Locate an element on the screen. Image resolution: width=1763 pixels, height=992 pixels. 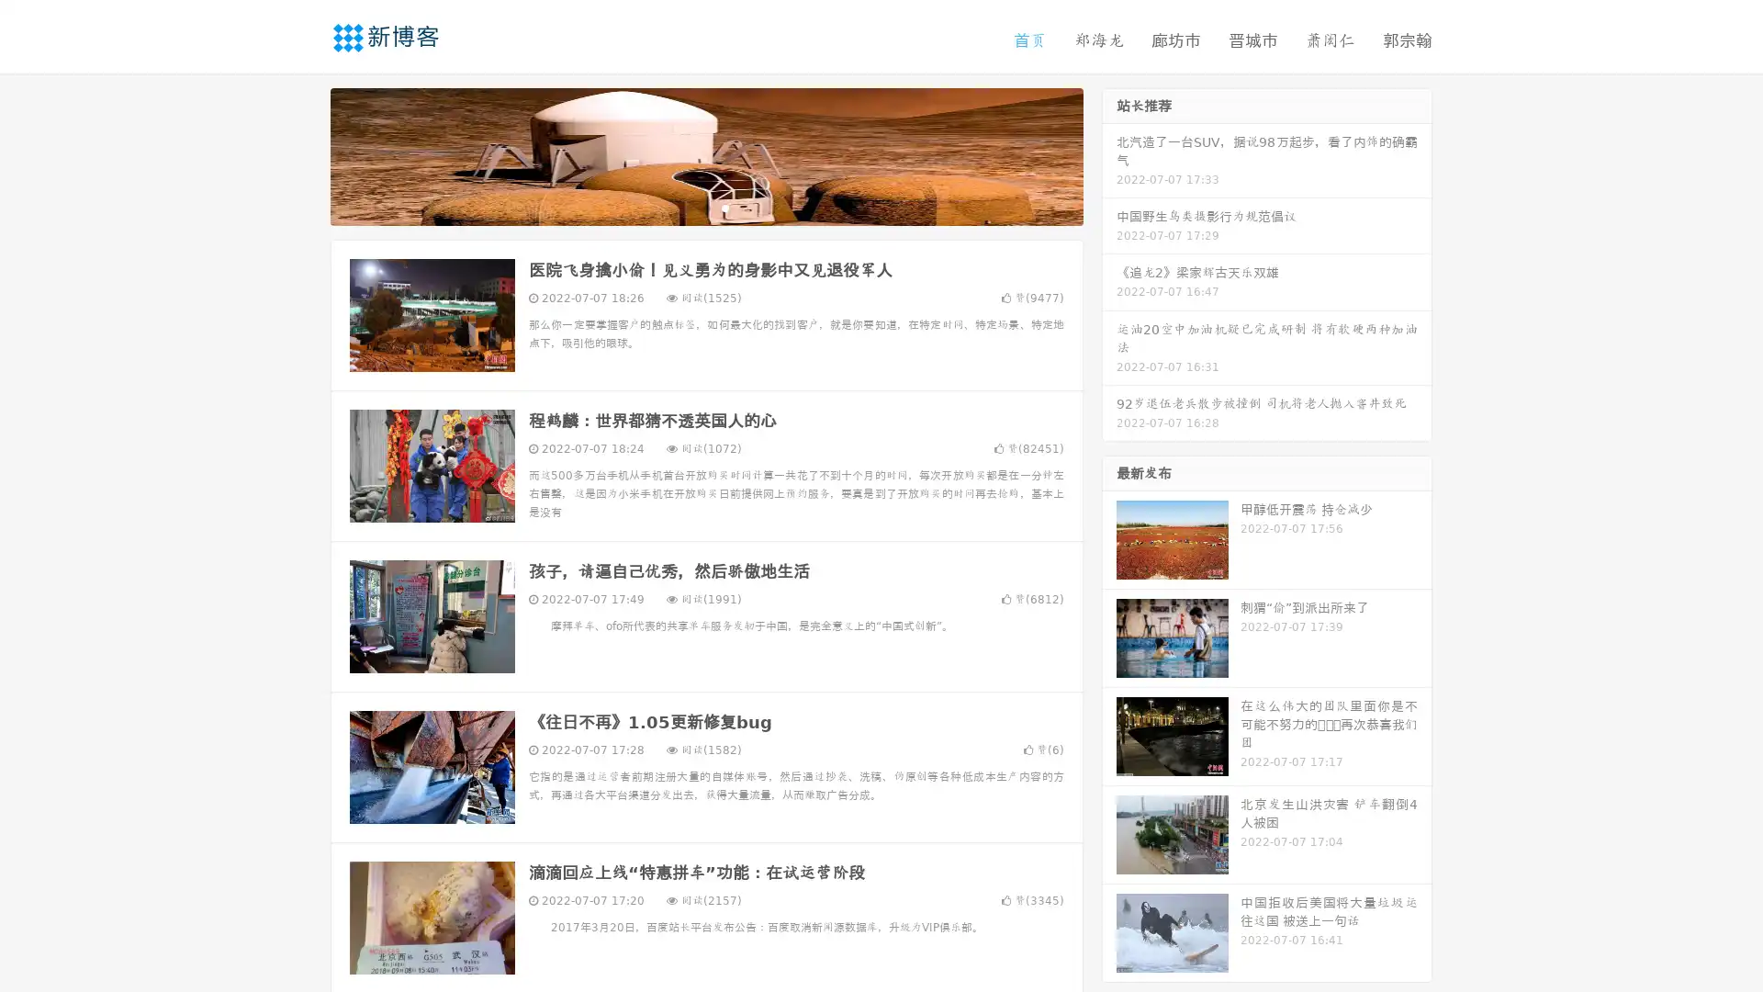
Next slide is located at coordinates (1109, 154).